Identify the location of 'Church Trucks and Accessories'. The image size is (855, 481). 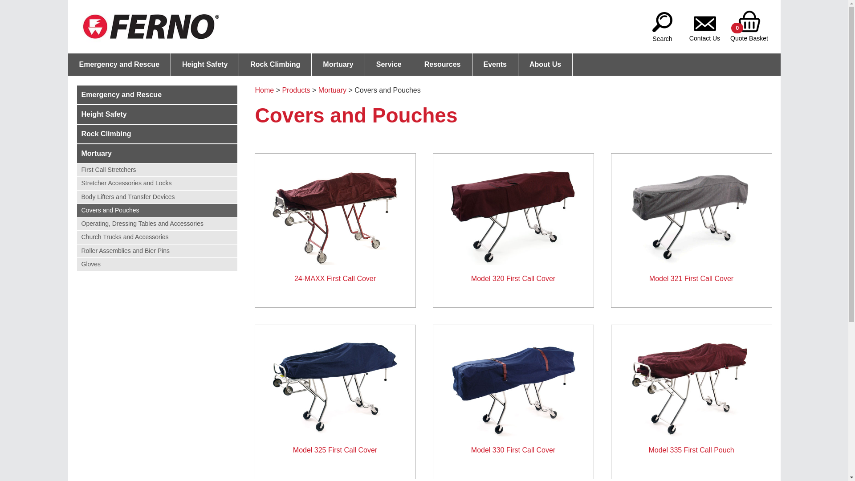
(156, 236).